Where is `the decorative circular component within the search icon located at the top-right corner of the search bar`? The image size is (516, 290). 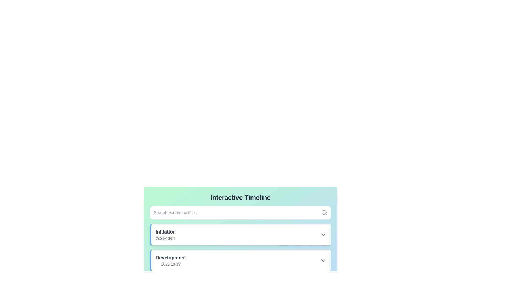
the decorative circular component within the search icon located at the top-right corner of the search bar is located at coordinates (324, 212).